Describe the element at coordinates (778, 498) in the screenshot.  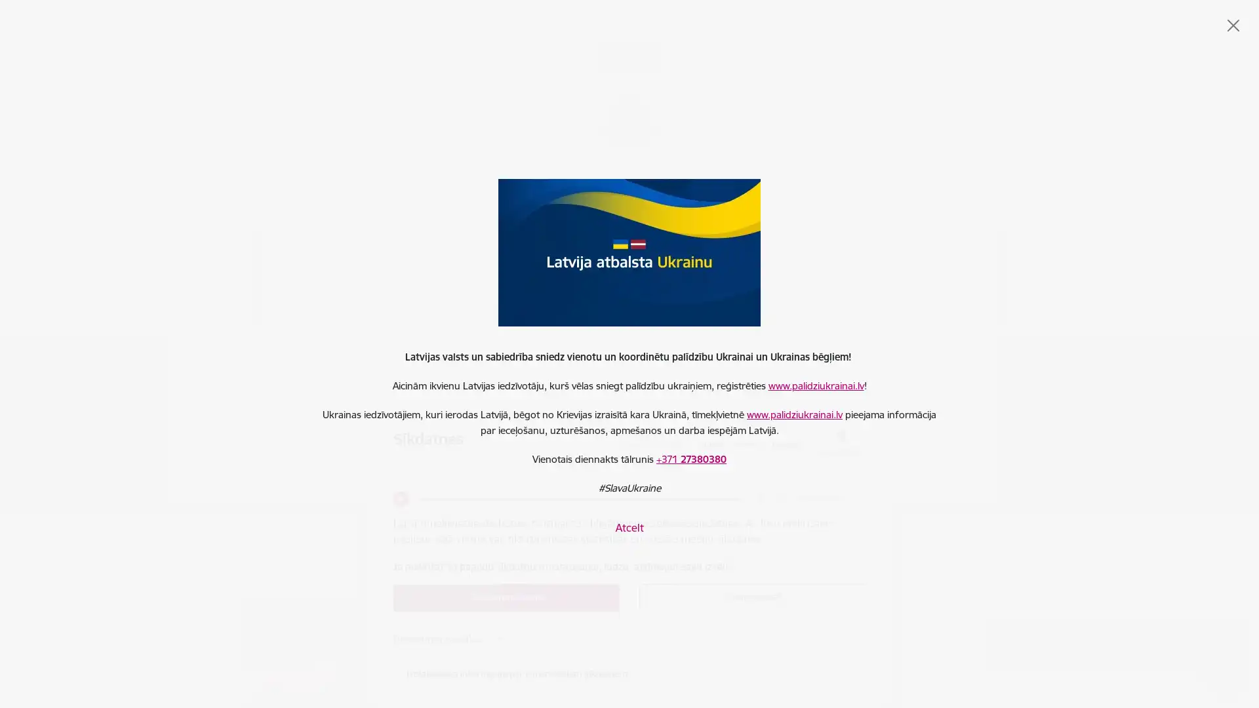
I see `Download` at that location.